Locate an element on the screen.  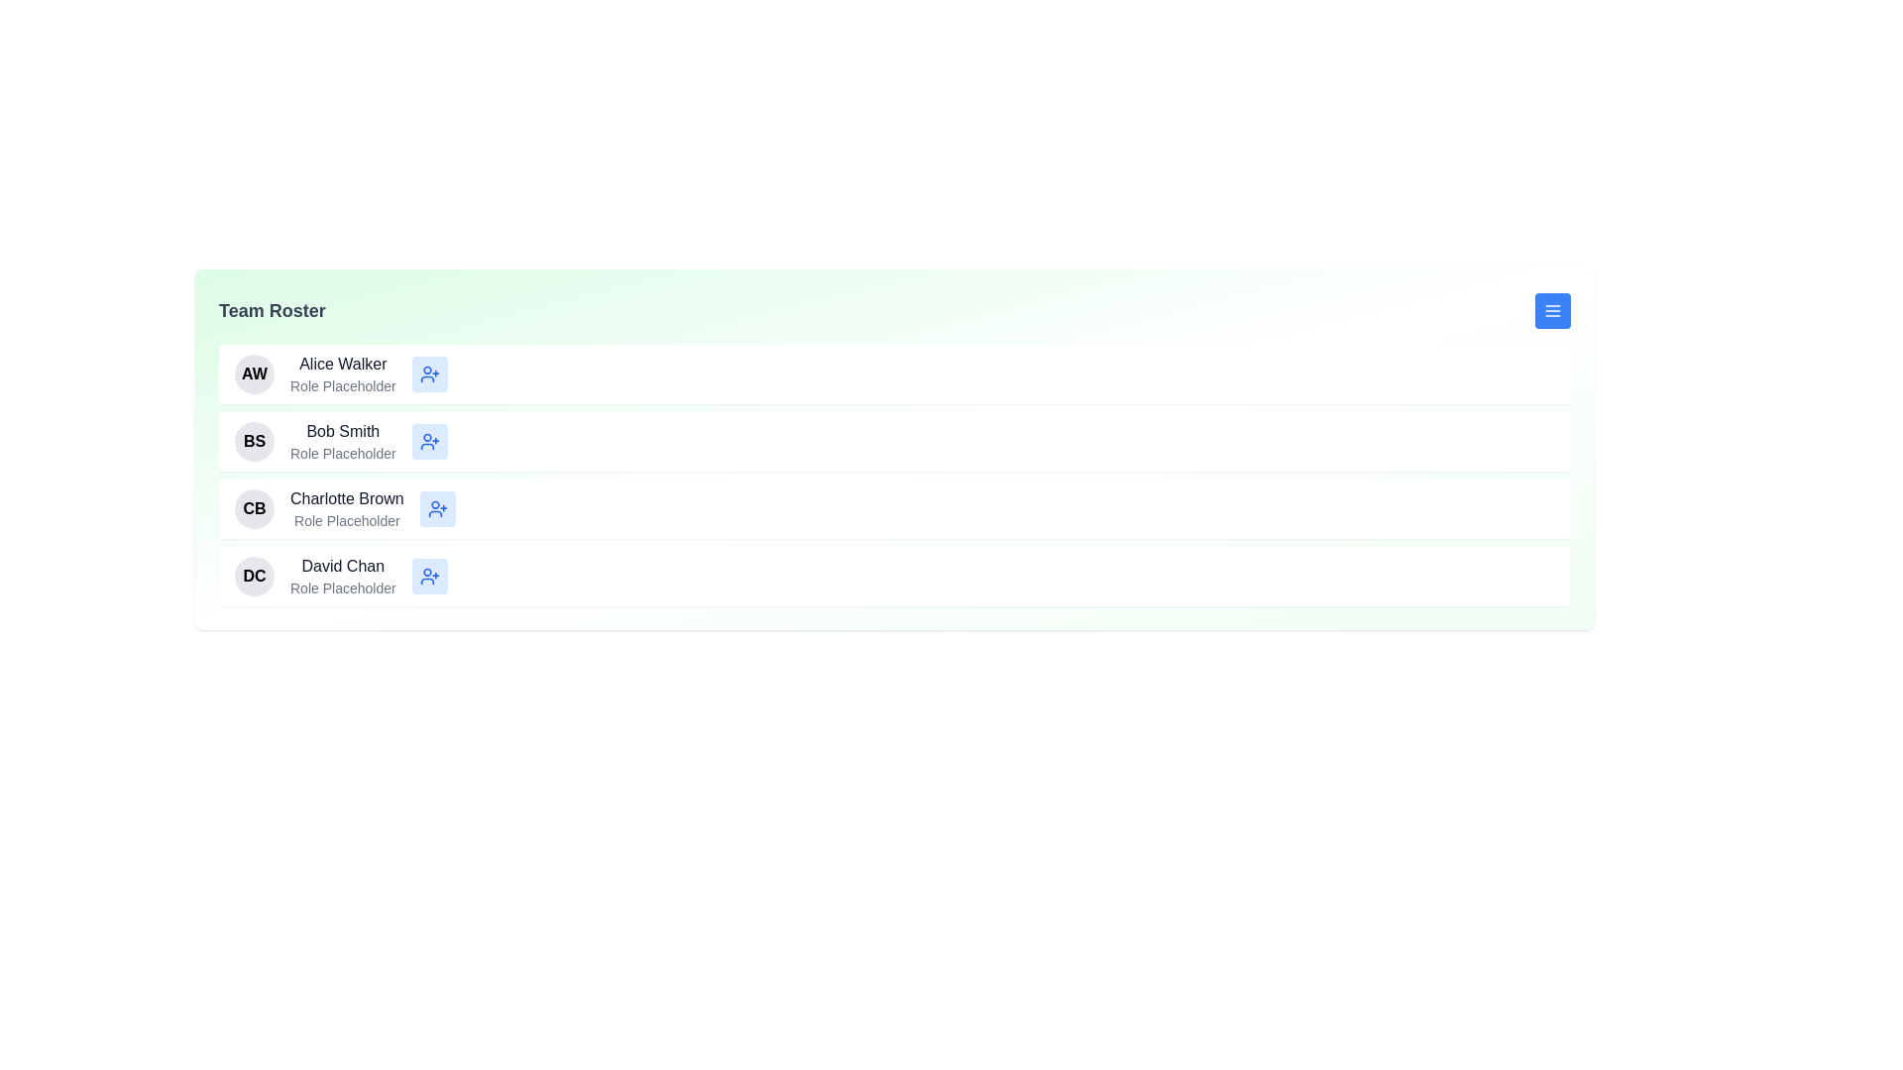
the light blue button with a user icon next to 'Bob Smith, Role Placeholder' to observe any interaction effect is located at coordinates (428, 441).